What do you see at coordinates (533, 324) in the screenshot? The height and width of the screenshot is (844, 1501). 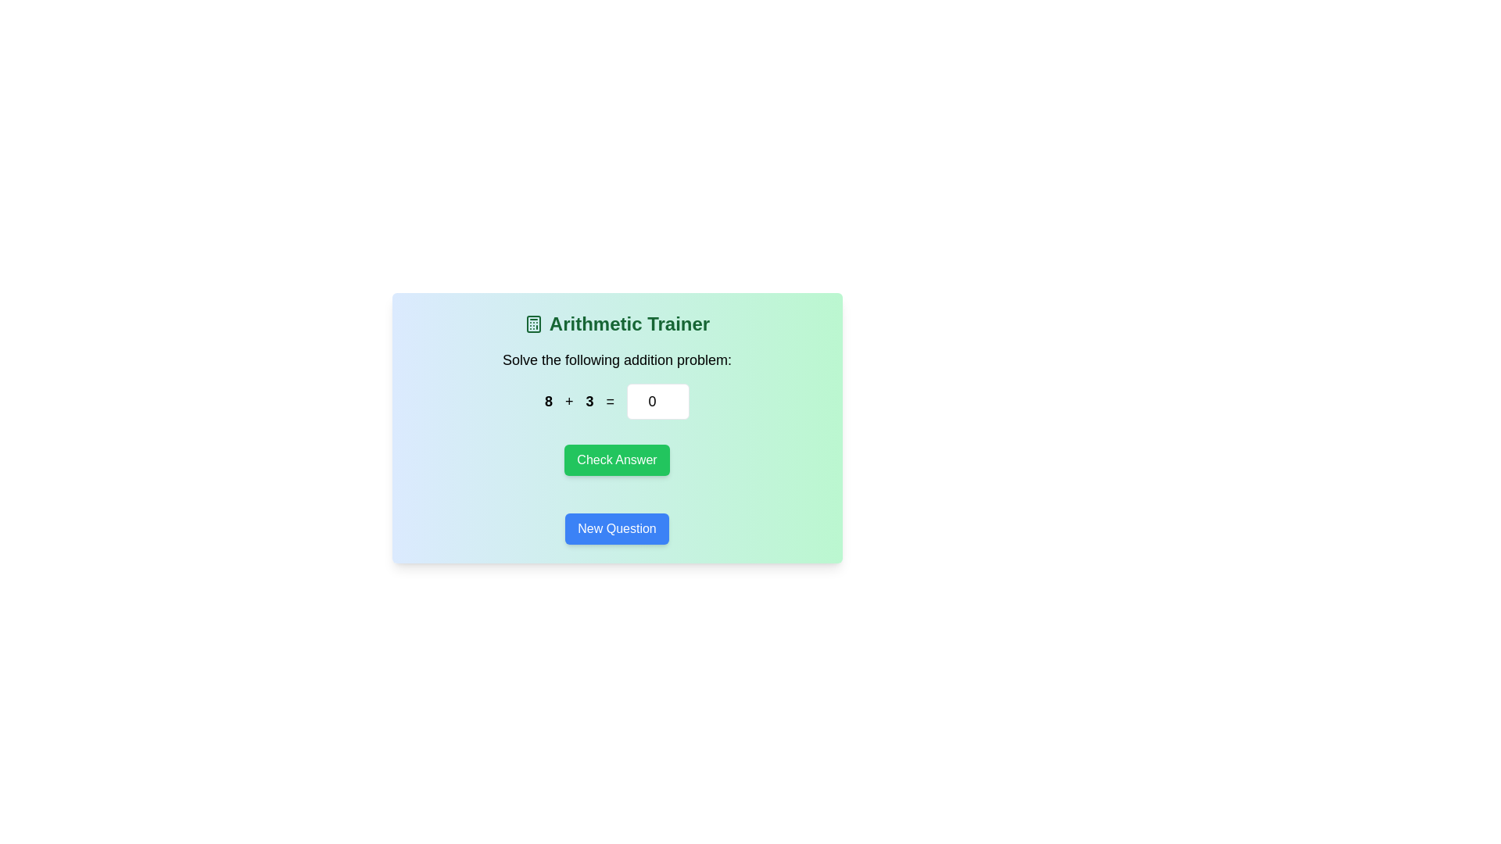 I see `the calculator icon located to the left of the 'Arithmetic Trainer' text at the top center of the interface` at bounding box center [533, 324].